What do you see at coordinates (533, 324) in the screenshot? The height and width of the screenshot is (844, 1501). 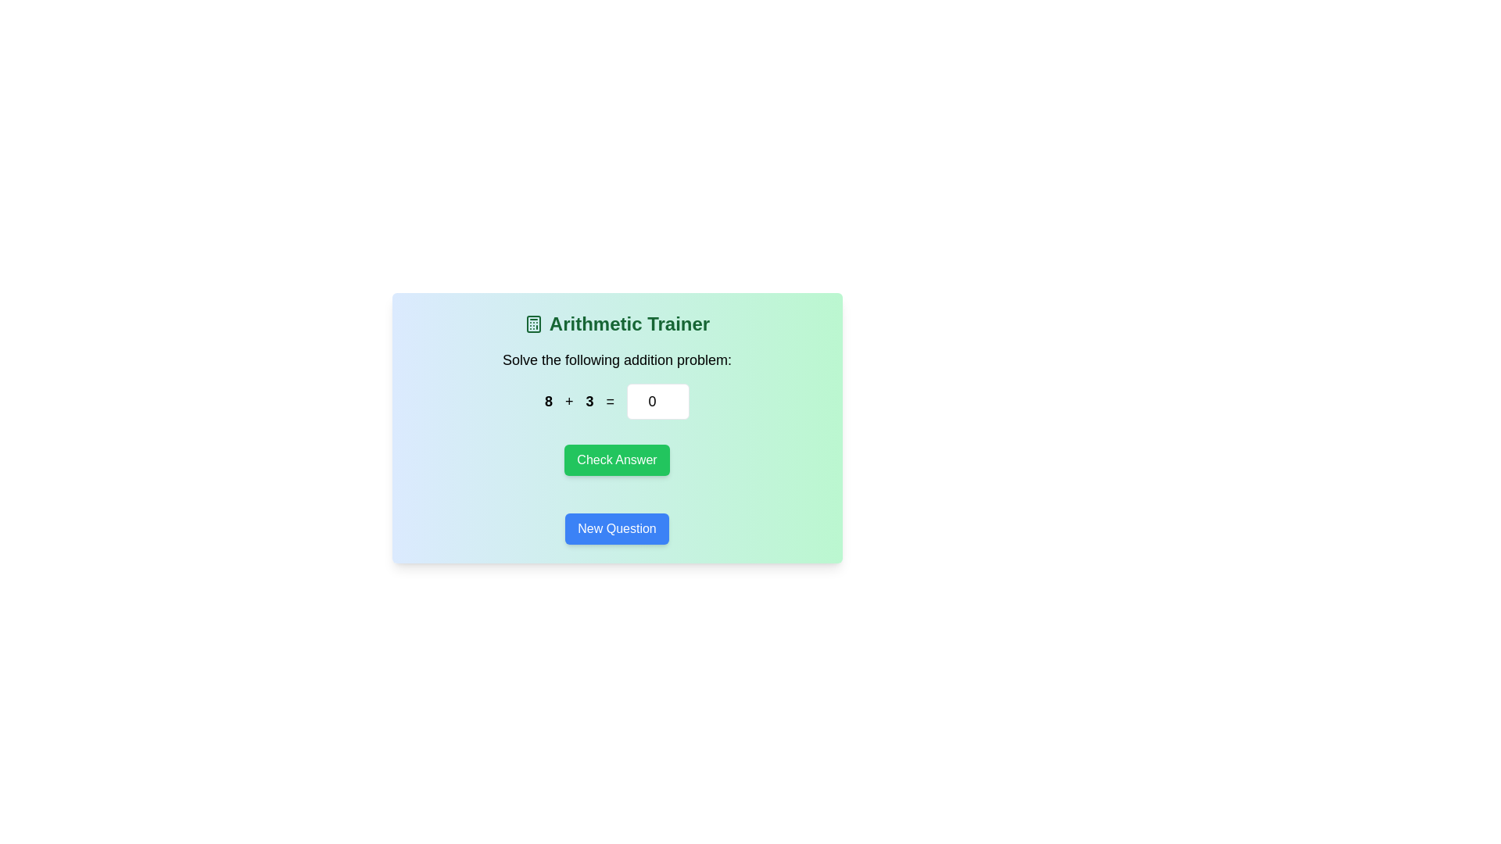 I see `the calculator icon located to the left of the 'Arithmetic Trainer' text at the top center of the interface` at bounding box center [533, 324].